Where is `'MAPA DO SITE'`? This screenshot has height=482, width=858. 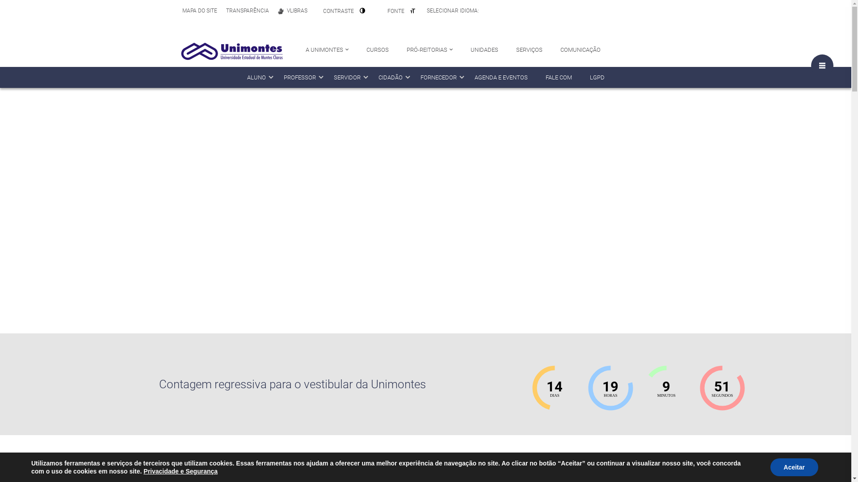
'MAPA DO SITE' is located at coordinates (199, 11).